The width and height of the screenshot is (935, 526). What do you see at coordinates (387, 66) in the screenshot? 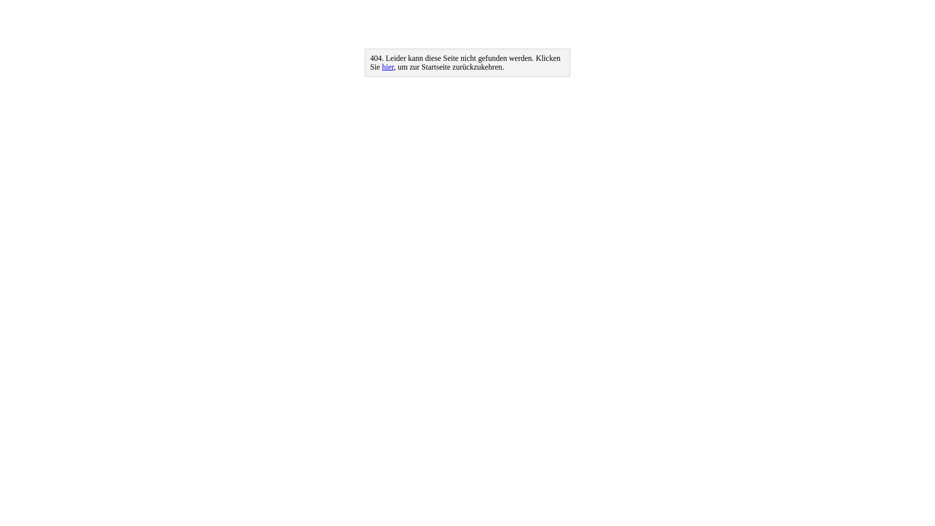
I see `'hier'` at bounding box center [387, 66].